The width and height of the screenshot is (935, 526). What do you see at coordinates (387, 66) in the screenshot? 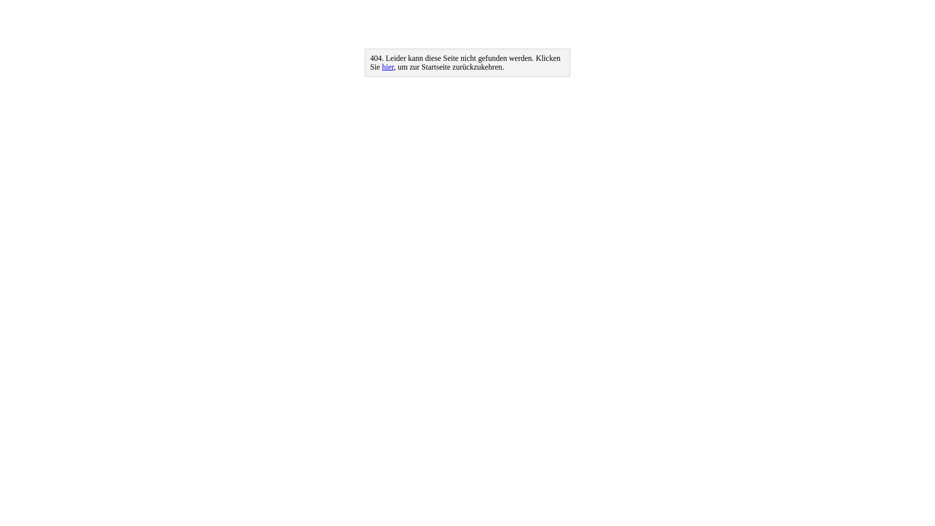
I see `'hier'` at bounding box center [387, 66].